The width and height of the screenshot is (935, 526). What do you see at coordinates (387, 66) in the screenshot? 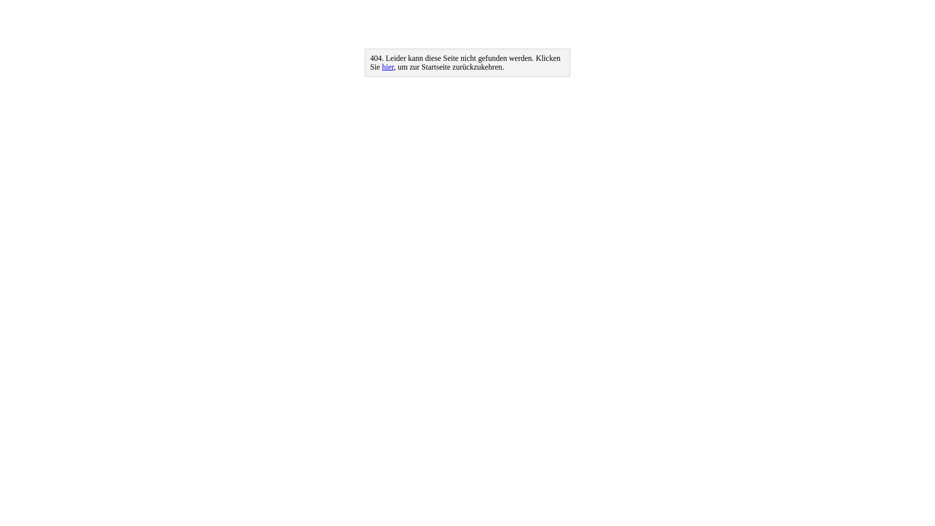
I see `'hier'` at bounding box center [387, 66].